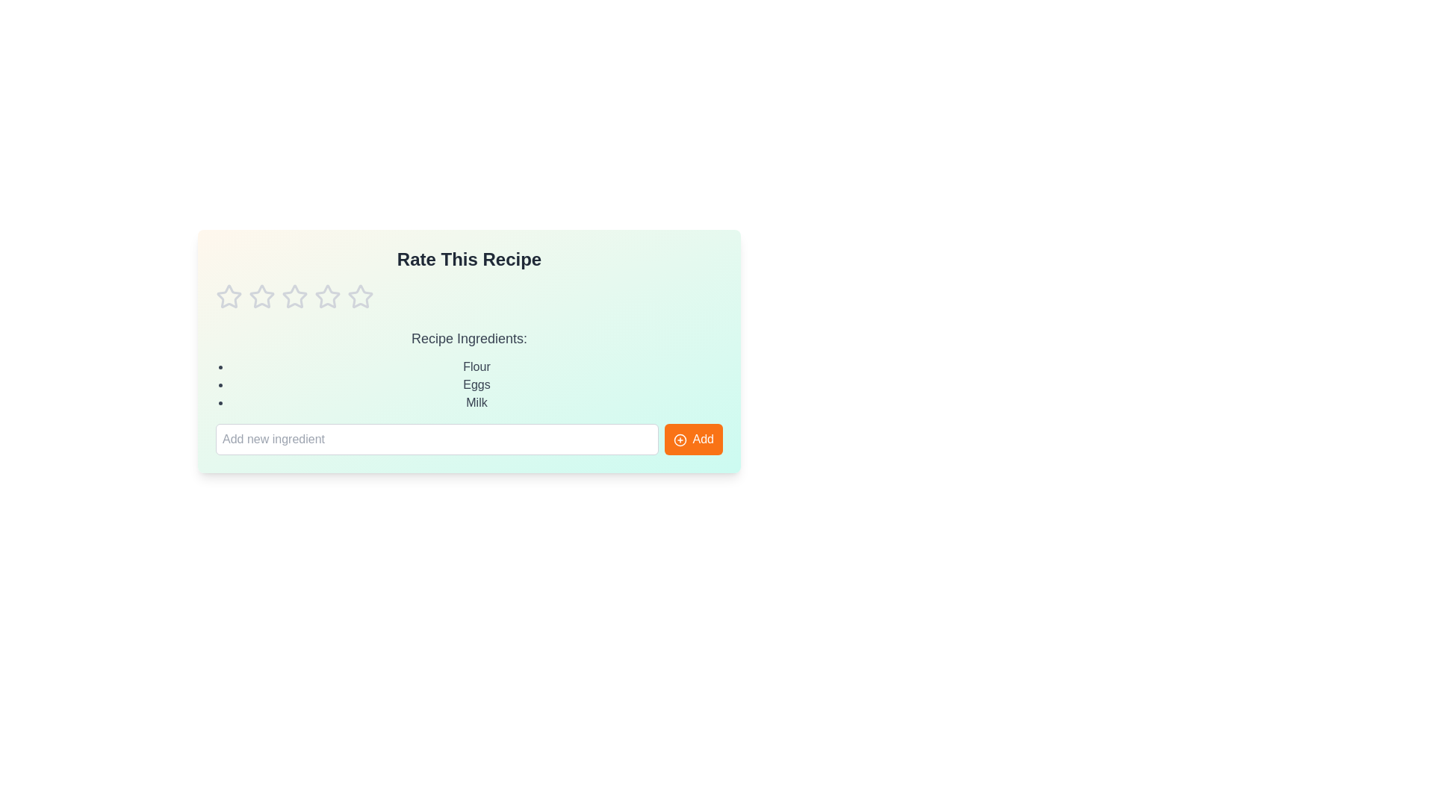 This screenshot has width=1434, height=806. What do you see at coordinates (326, 296) in the screenshot?
I see `the star corresponding to the rating 4 to set the recipe rating` at bounding box center [326, 296].